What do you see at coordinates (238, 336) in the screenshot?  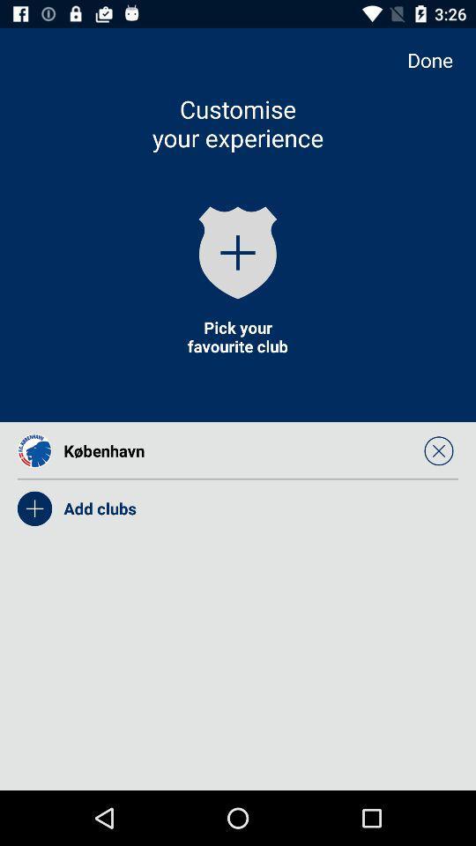 I see `pick your favourite icon` at bounding box center [238, 336].